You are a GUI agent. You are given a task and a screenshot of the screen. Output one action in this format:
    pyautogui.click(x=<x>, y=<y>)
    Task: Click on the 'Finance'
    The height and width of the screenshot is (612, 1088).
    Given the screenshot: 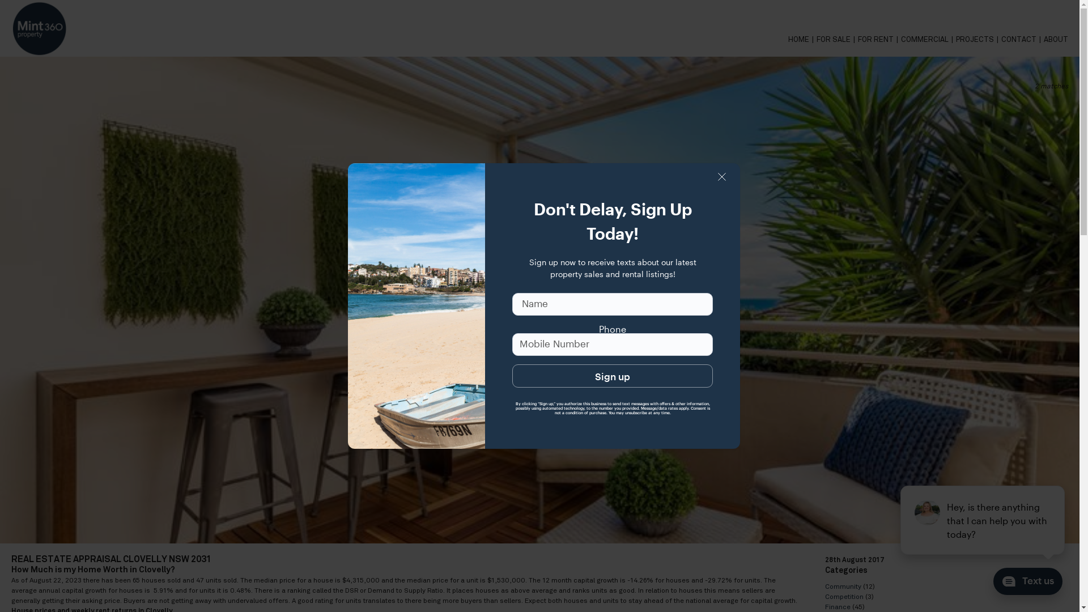 What is the action you would take?
    pyautogui.click(x=838, y=606)
    